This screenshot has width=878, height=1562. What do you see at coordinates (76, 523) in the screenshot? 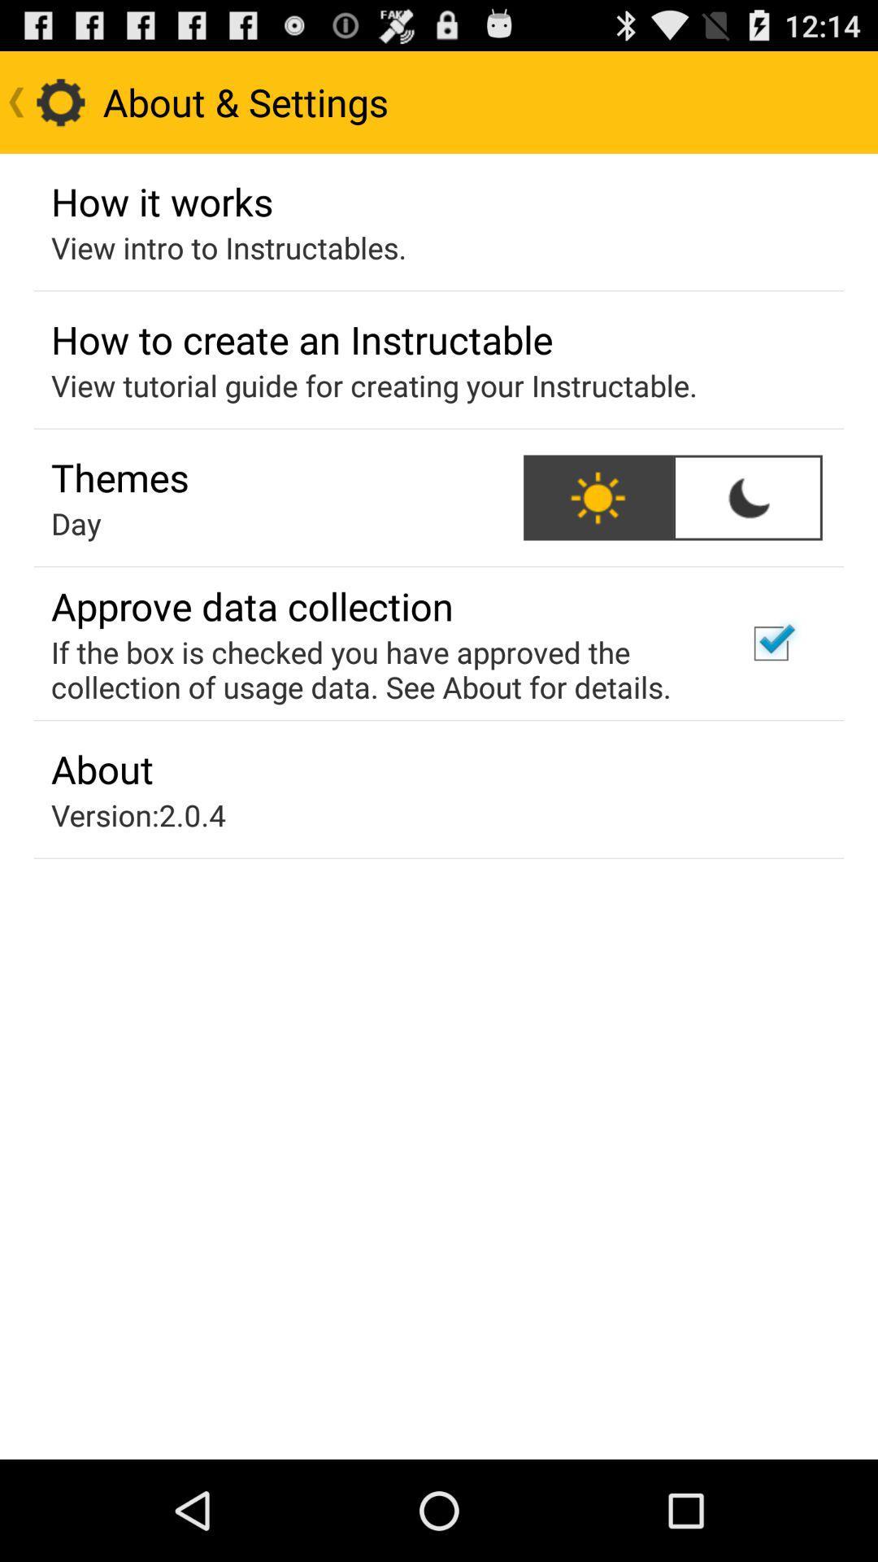
I see `the item below the themes app` at bounding box center [76, 523].